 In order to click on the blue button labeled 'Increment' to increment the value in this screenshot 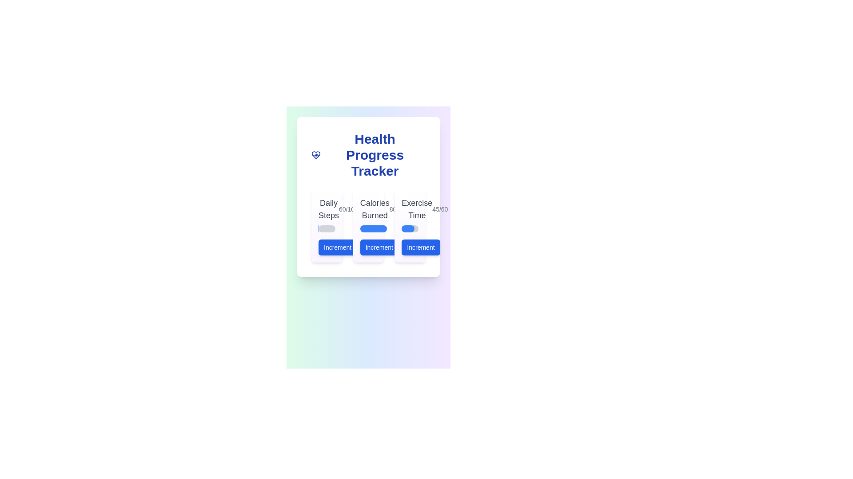, I will do `click(379, 247)`.